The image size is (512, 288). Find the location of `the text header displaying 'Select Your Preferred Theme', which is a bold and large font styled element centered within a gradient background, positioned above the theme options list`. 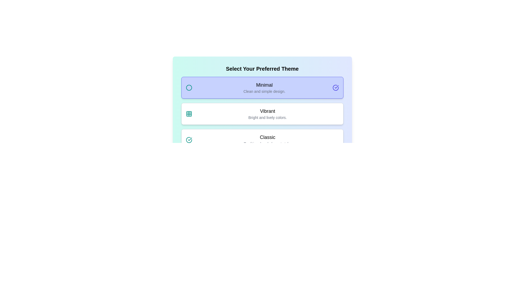

the text header displaying 'Select Your Preferred Theme', which is a bold and large font styled element centered within a gradient background, positioned above the theme options list is located at coordinates (262, 69).